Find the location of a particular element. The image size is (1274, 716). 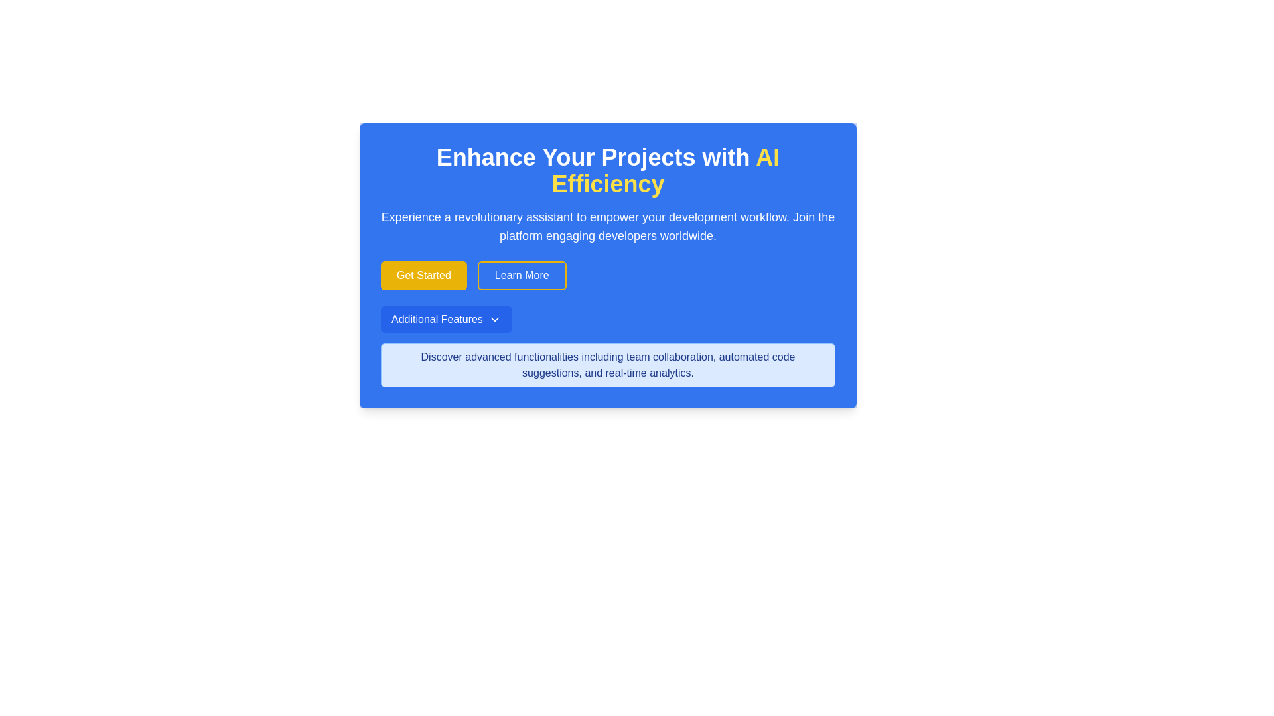

the 'Get Started' button located on the left side of a button group in the central section of a blue modal to observe a visual change is located at coordinates (423, 275).